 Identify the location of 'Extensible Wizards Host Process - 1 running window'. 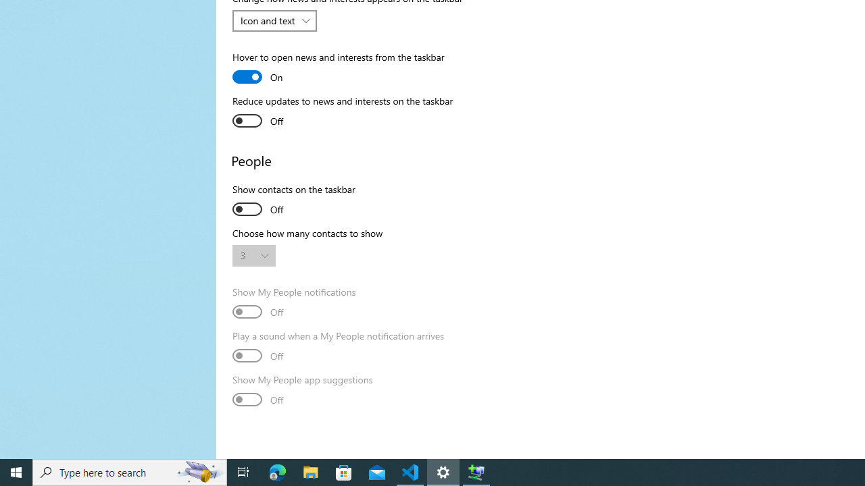
(476, 471).